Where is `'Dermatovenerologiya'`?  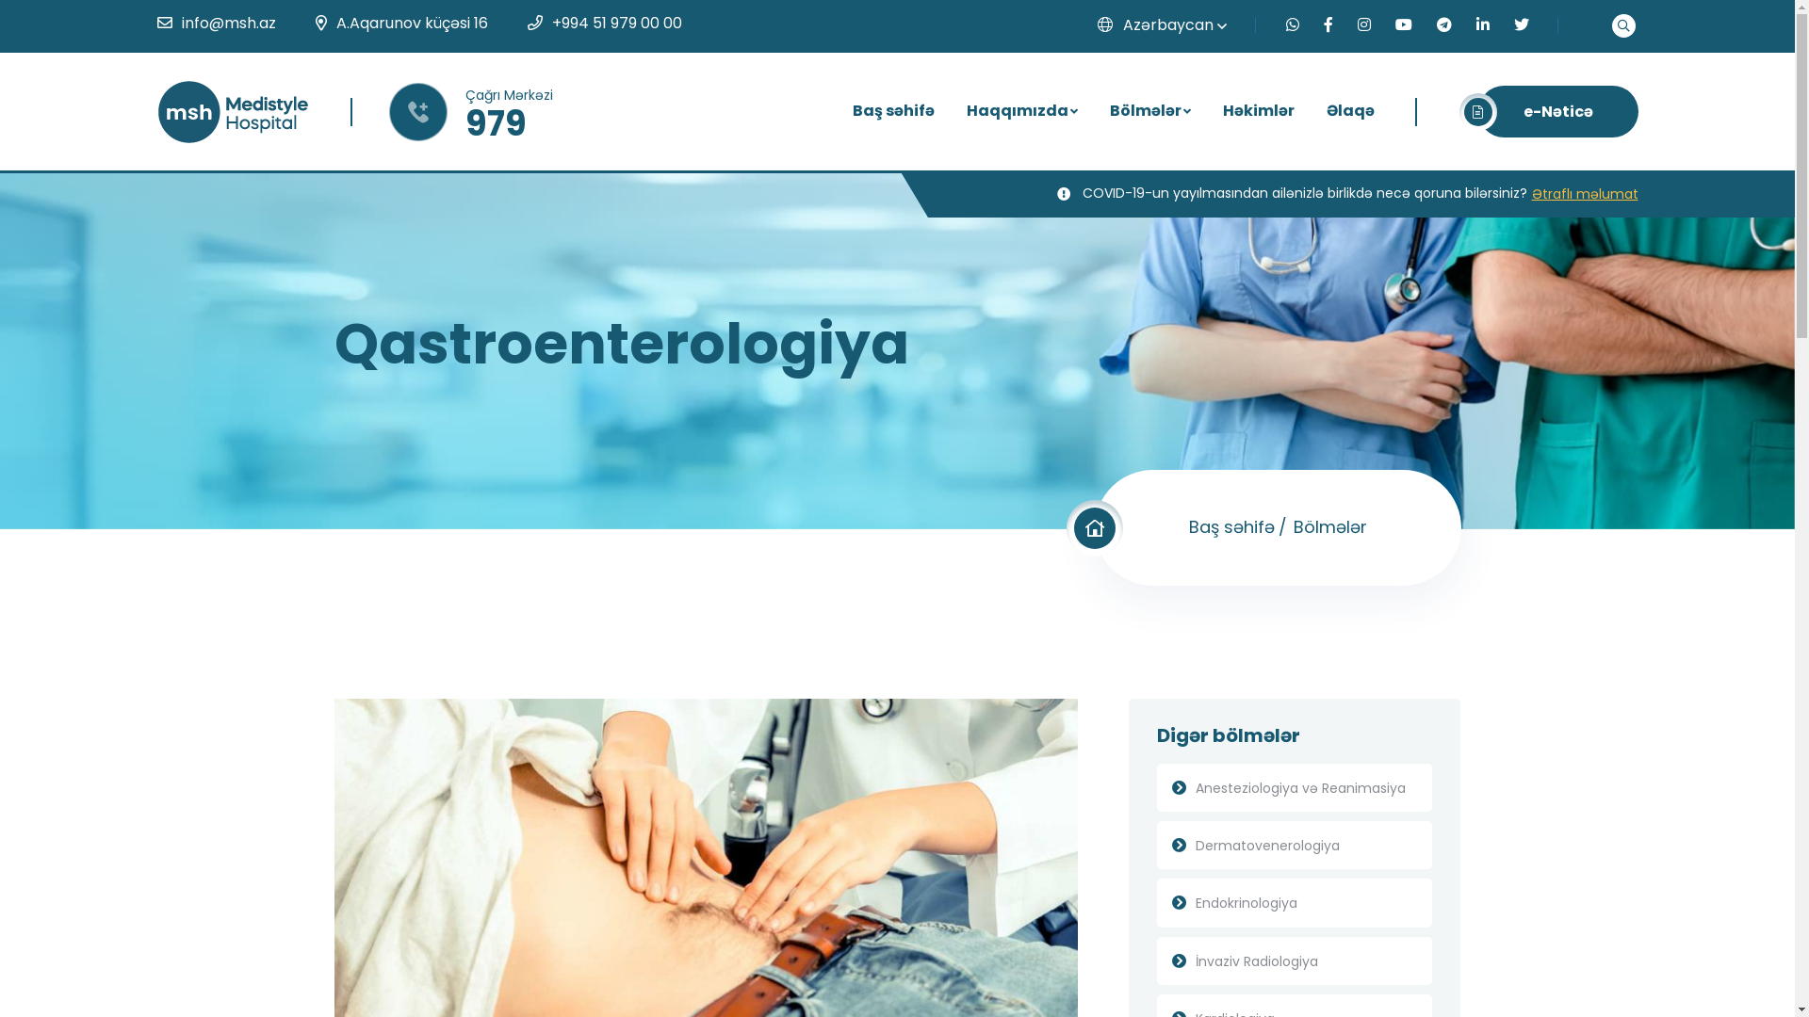 'Dermatovenerologiya' is located at coordinates (1294, 844).